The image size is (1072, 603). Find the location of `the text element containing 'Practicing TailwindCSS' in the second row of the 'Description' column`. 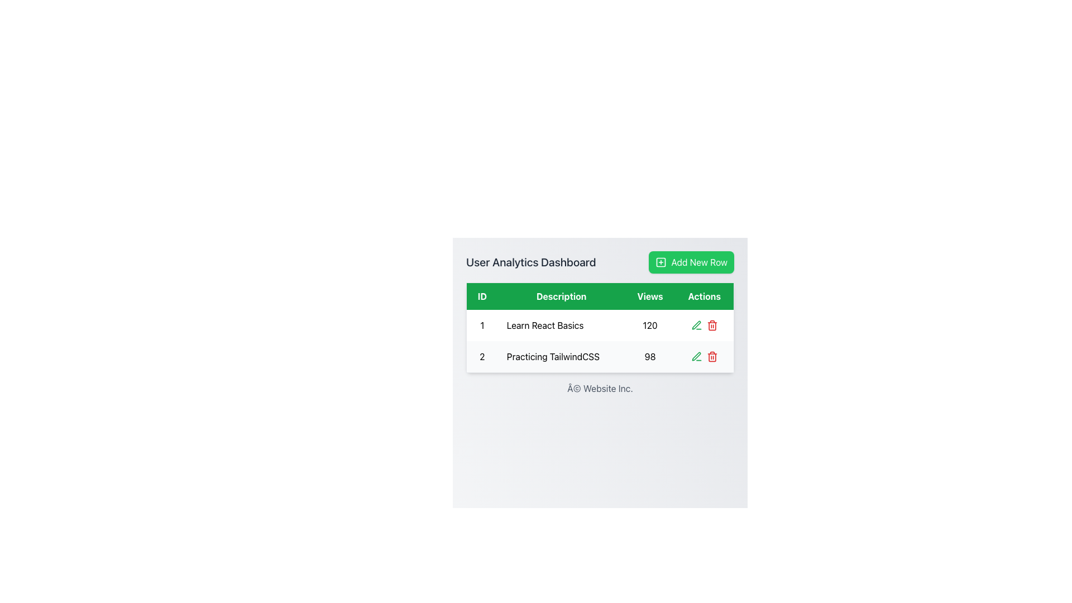

the text element containing 'Practicing TailwindCSS' in the second row of the 'Description' column is located at coordinates (561, 357).